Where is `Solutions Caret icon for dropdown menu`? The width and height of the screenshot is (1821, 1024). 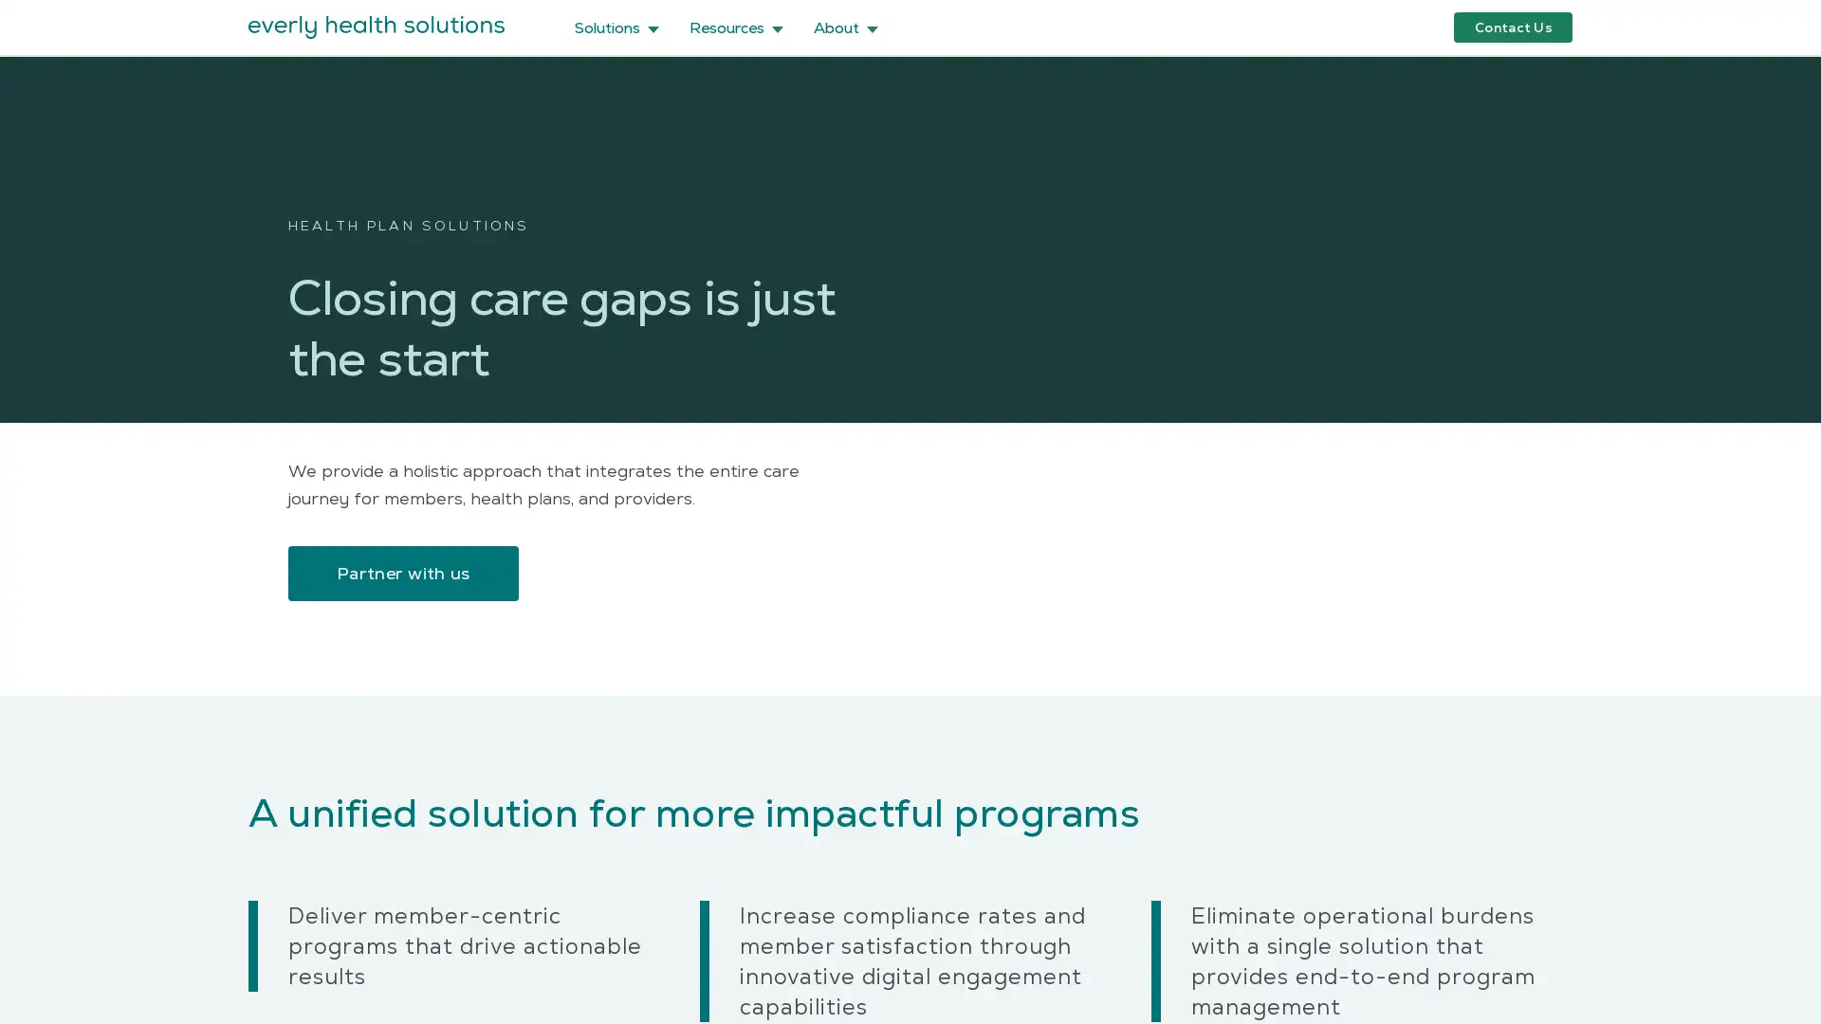 Solutions Caret icon for dropdown menu is located at coordinates (616, 27).